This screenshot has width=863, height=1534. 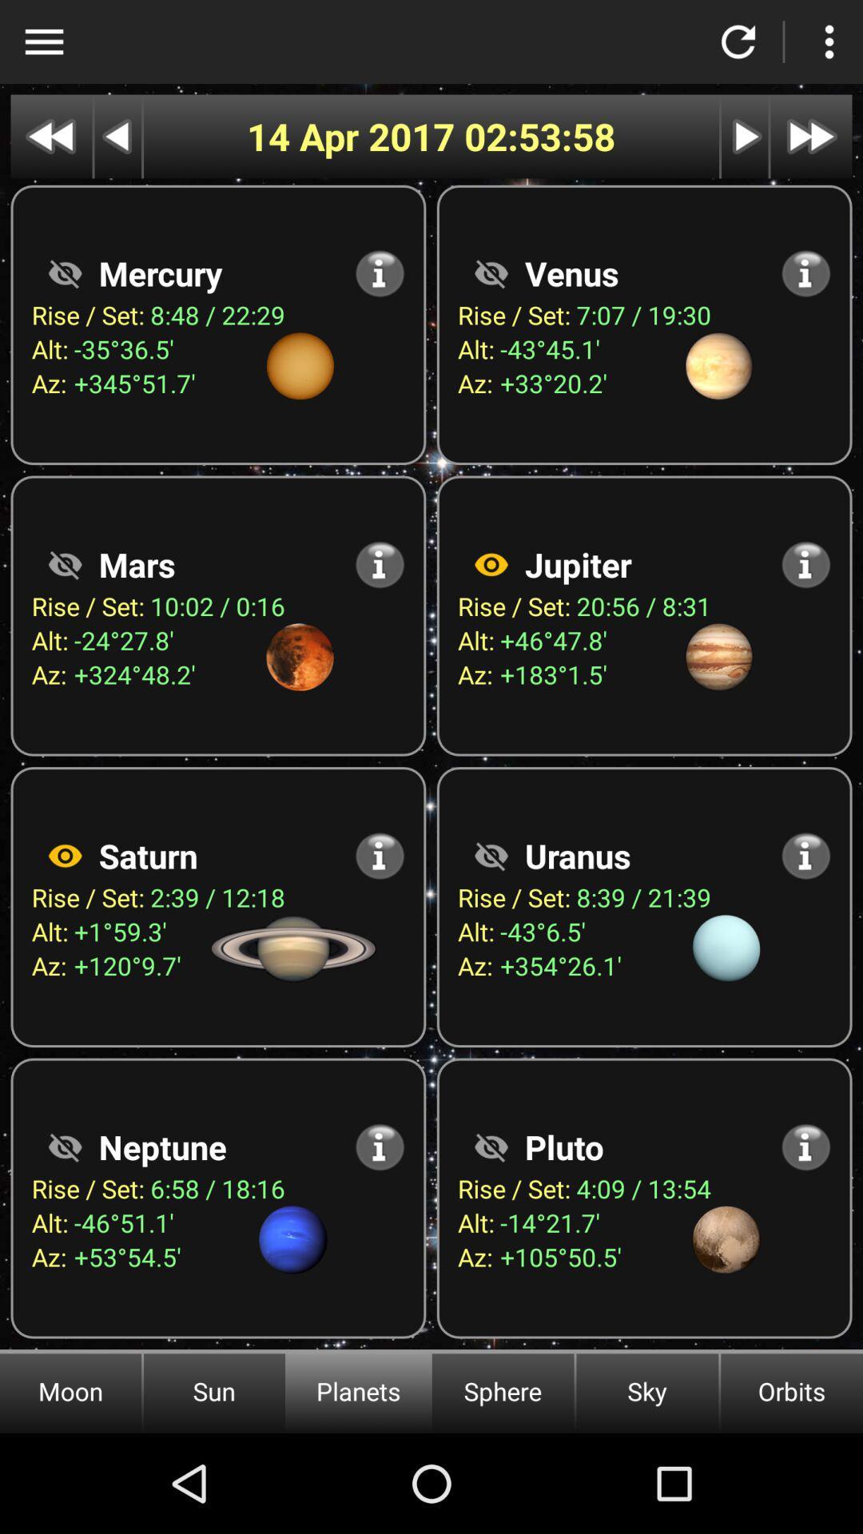 What do you see at coordinates (380, 564) in the screenshot?
I see `more info` at bounding box center [380, 564].